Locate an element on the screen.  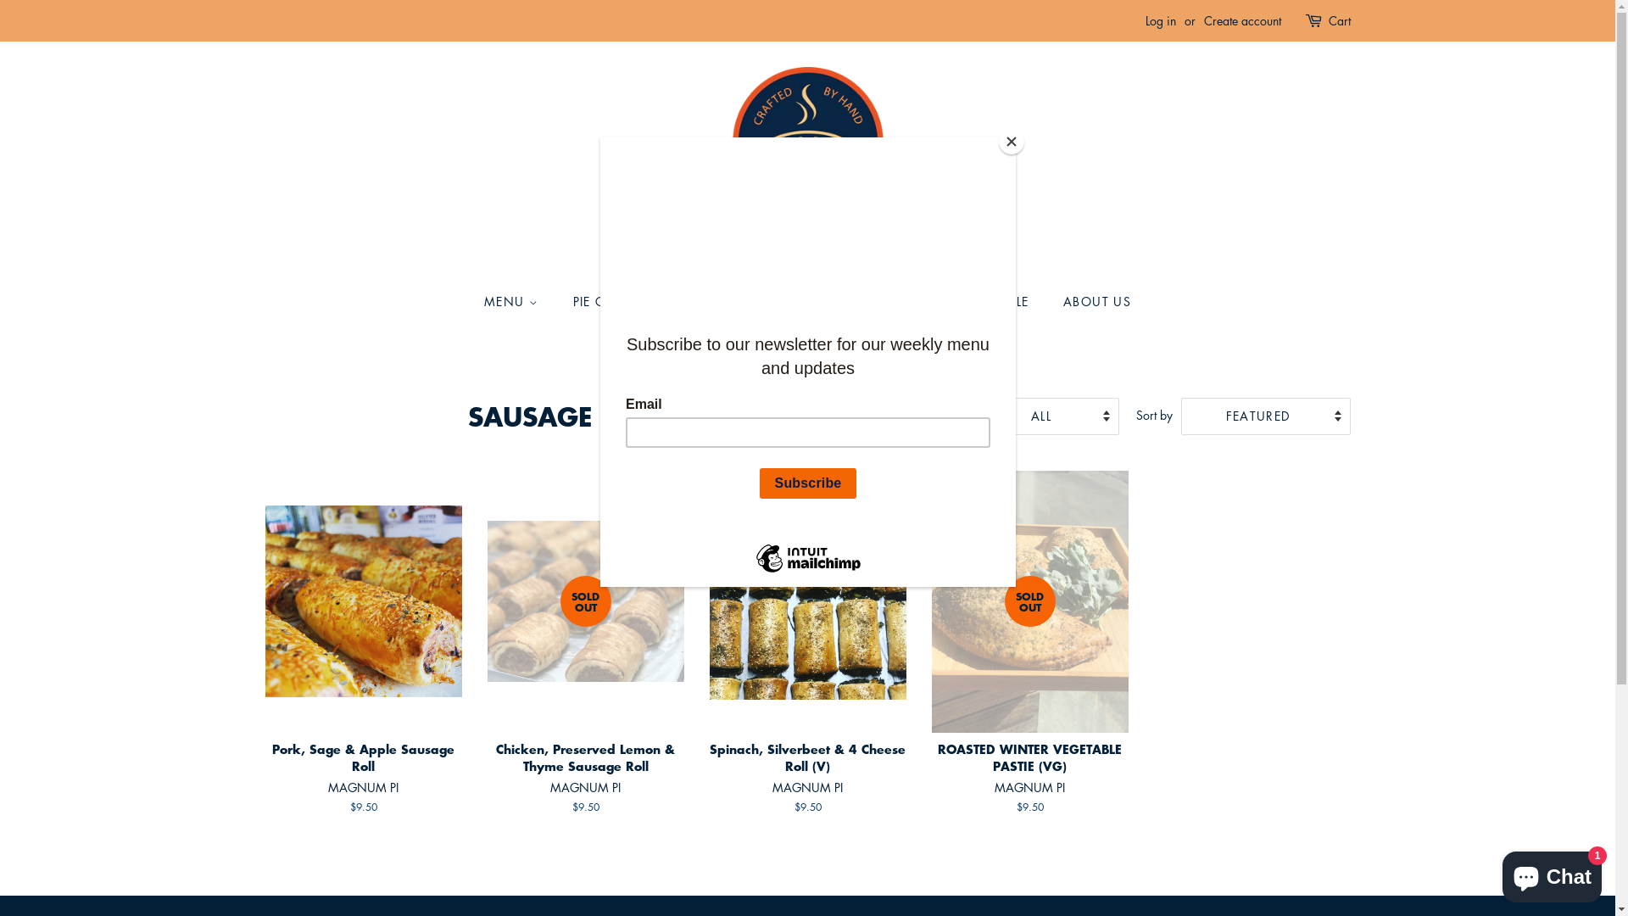
'WHOLESALE' is located at coordinates (938, 300).